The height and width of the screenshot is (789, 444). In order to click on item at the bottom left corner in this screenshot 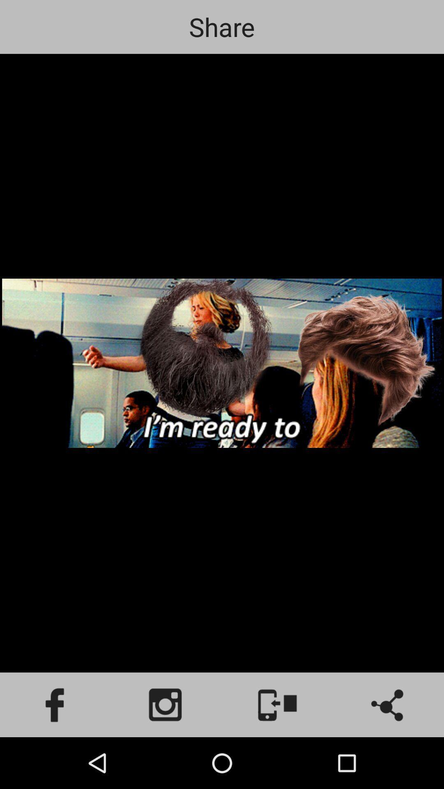, I will do `click(55, 704)`.